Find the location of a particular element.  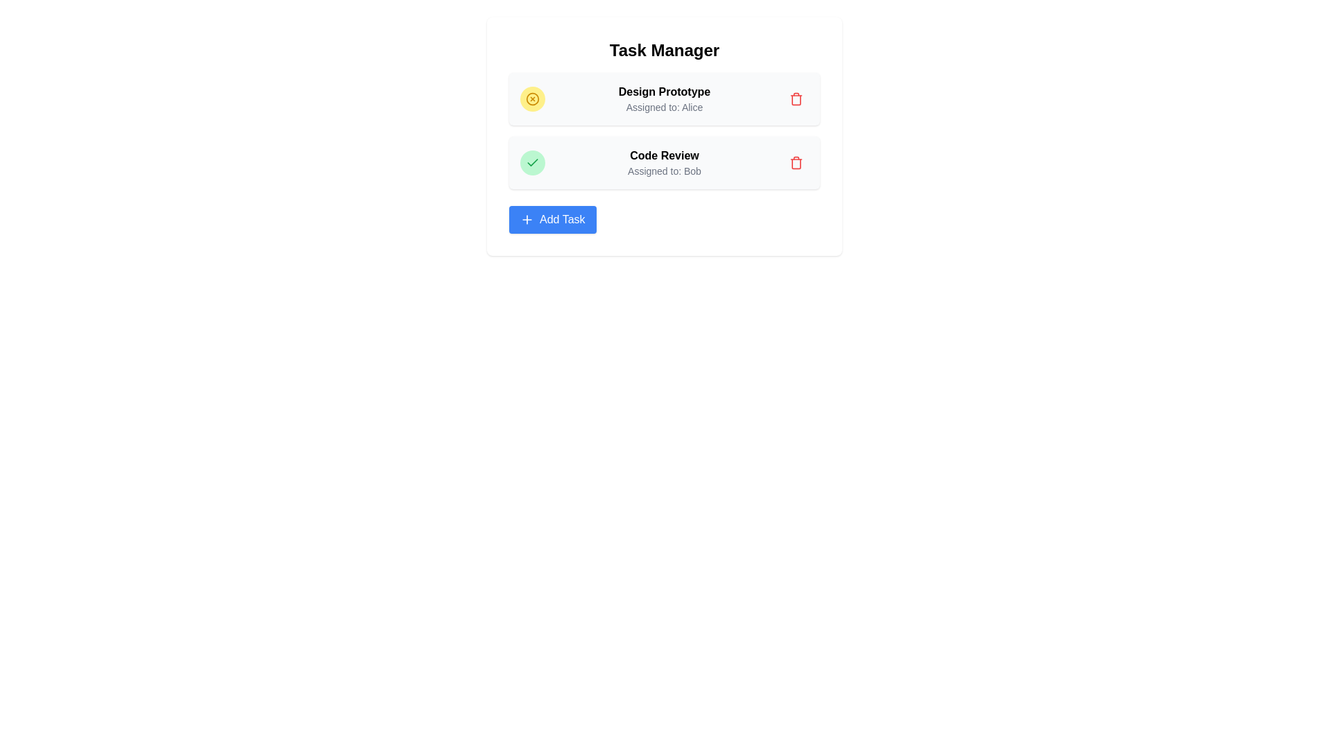

the delete button for the 'Code Review' task is located at coordinates (796, 162).